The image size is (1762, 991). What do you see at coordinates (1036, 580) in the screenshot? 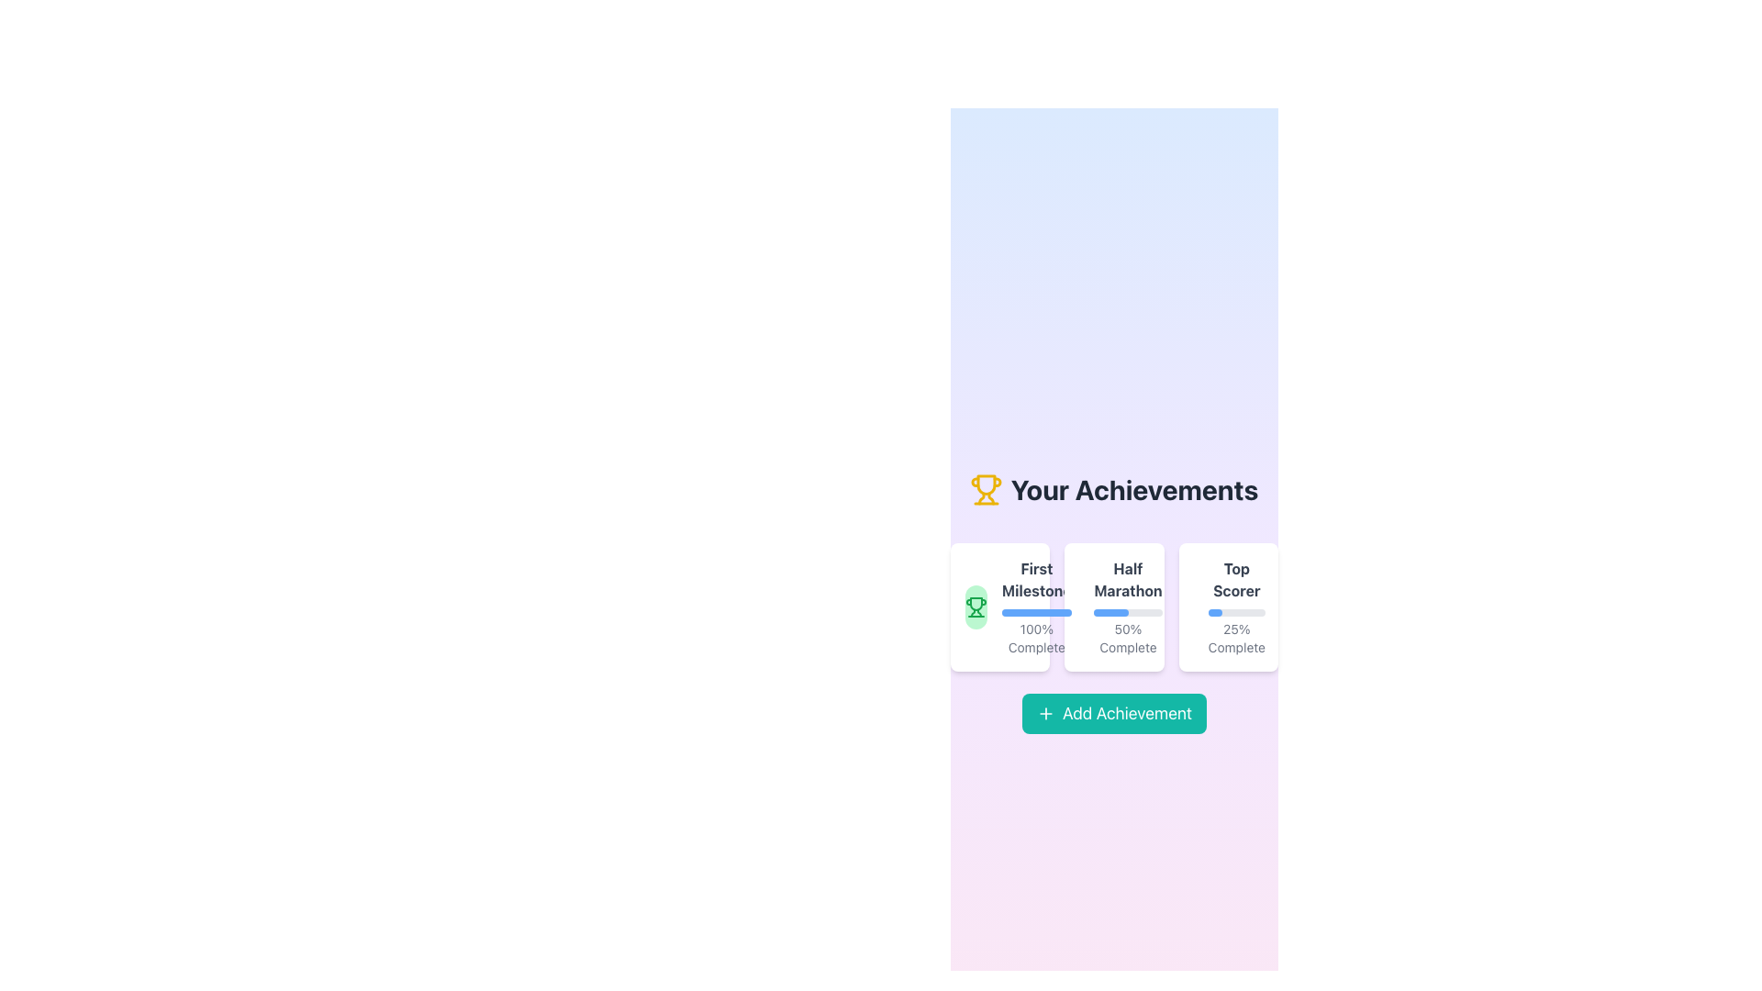
I see `the label that describes the milestone represented by the achievement card, located at the top-left within the card layout, above the progress bar` at bounding box center [1036, 580].